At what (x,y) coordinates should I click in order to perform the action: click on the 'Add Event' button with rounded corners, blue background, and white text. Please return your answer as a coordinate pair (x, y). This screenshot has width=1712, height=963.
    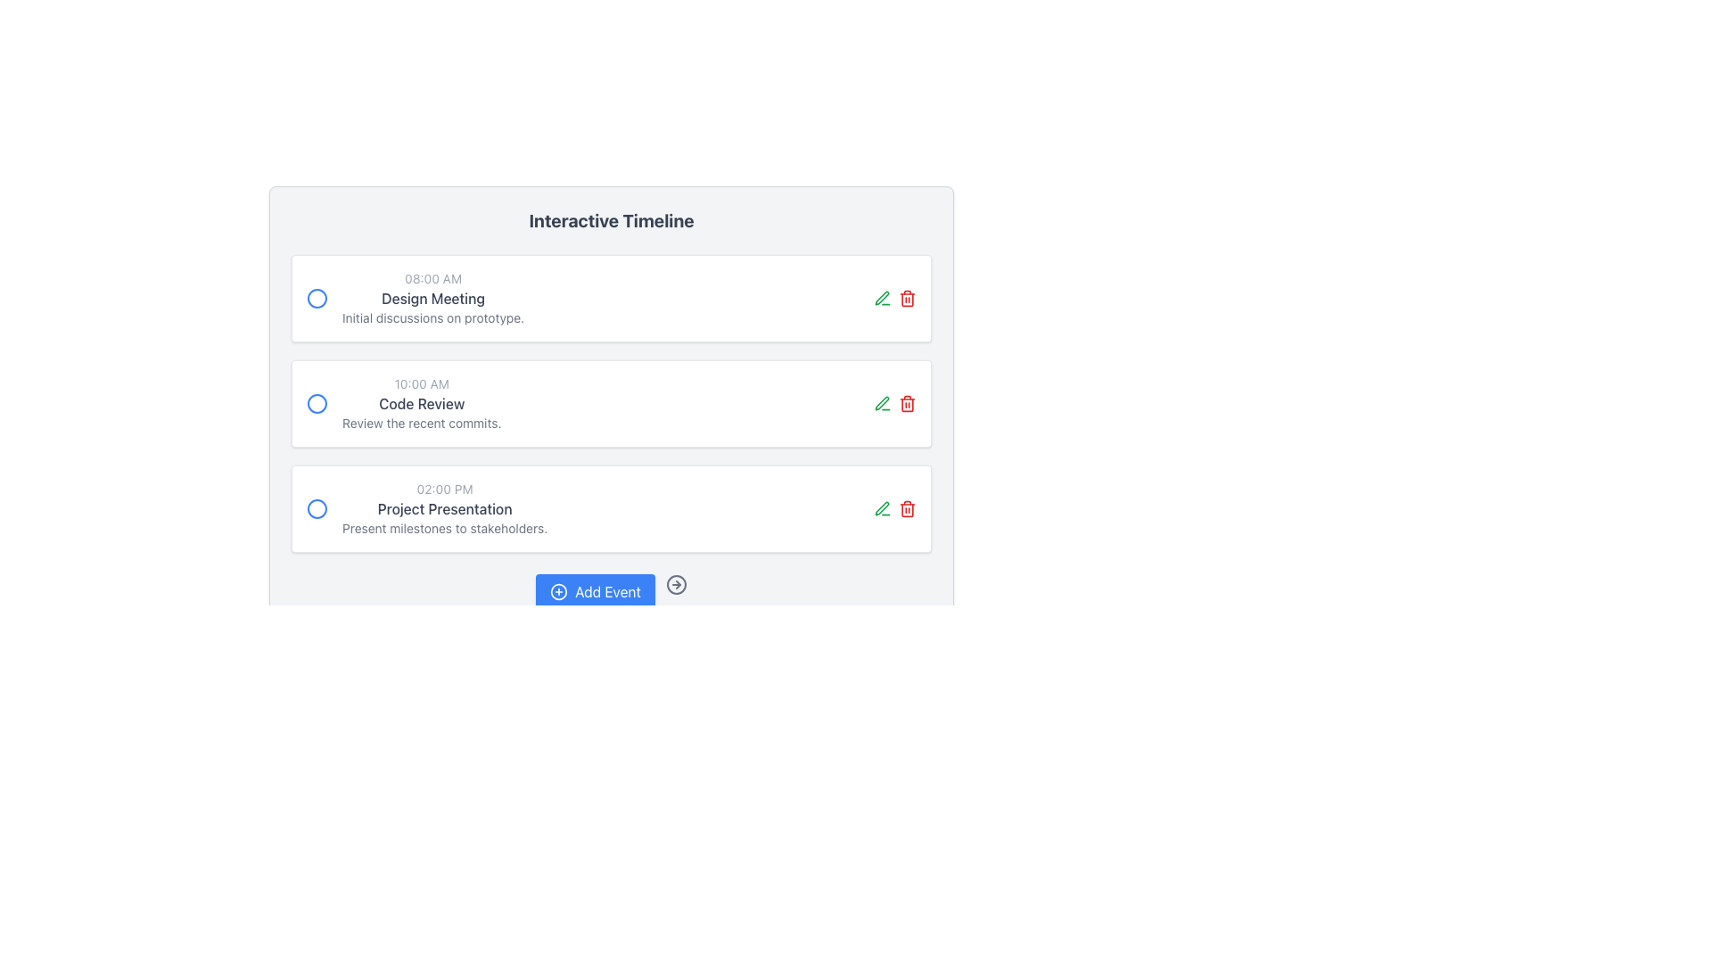
    Looking at the image, I should click on (595, 591).